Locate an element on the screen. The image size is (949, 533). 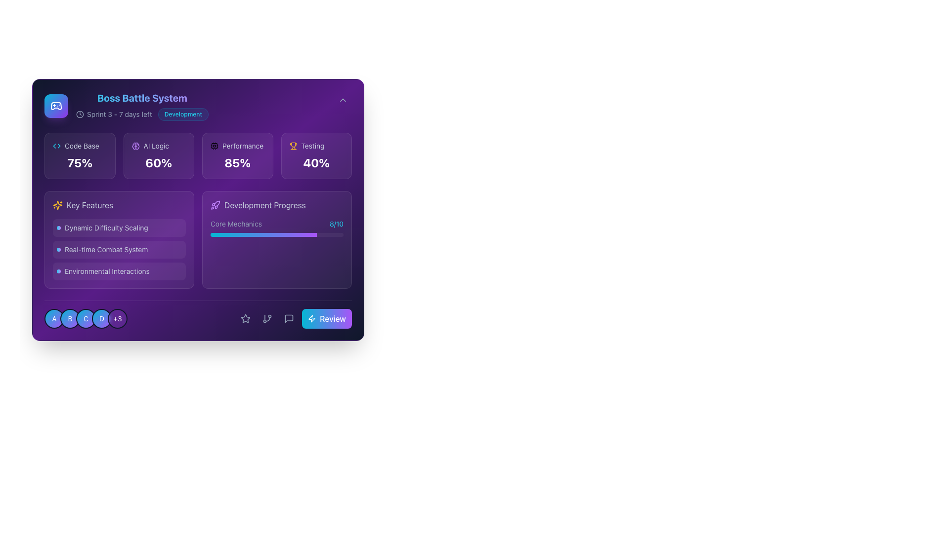
'Performance' label with its accompanying icon located in the highlighted section of the third column in the grid is located at coordinates (237, 146).